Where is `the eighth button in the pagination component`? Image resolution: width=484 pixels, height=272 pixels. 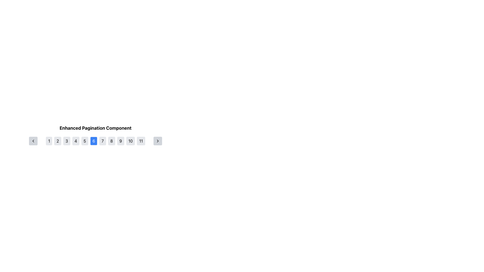 the eighth button in the pagination component is located at coordinates (111, 141).